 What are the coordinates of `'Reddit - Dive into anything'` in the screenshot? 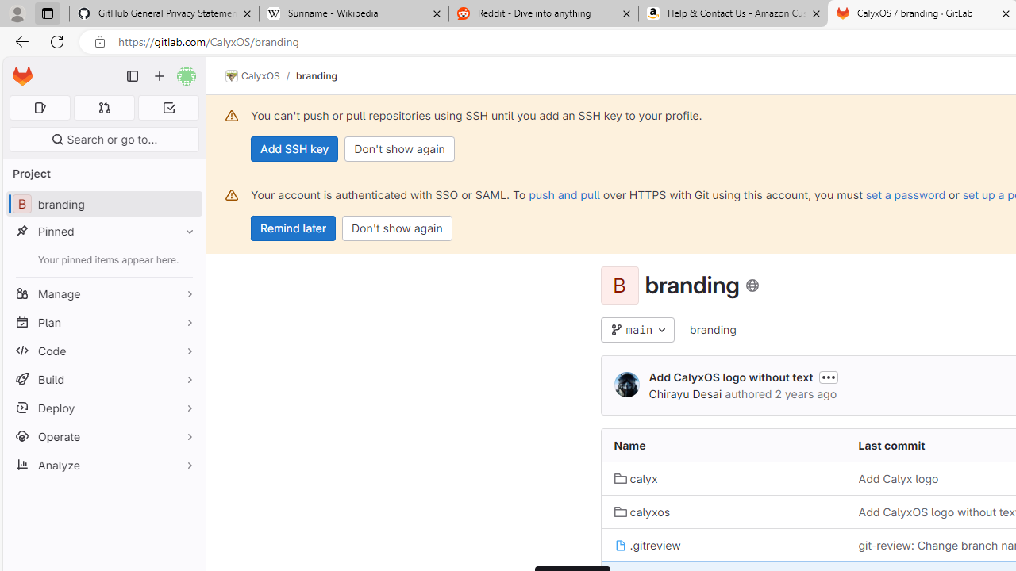 It's located at (543, 13).